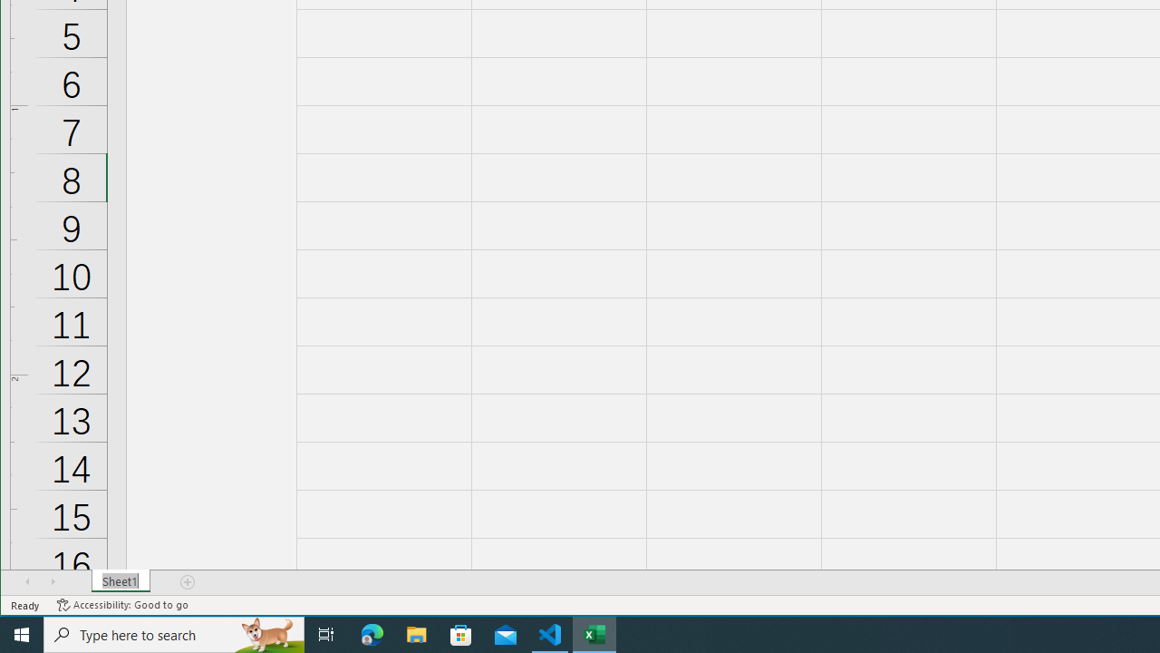 The width and height of the screenshot is (1160, 653). I want to click on 'File Explorer', so click(416, 633).